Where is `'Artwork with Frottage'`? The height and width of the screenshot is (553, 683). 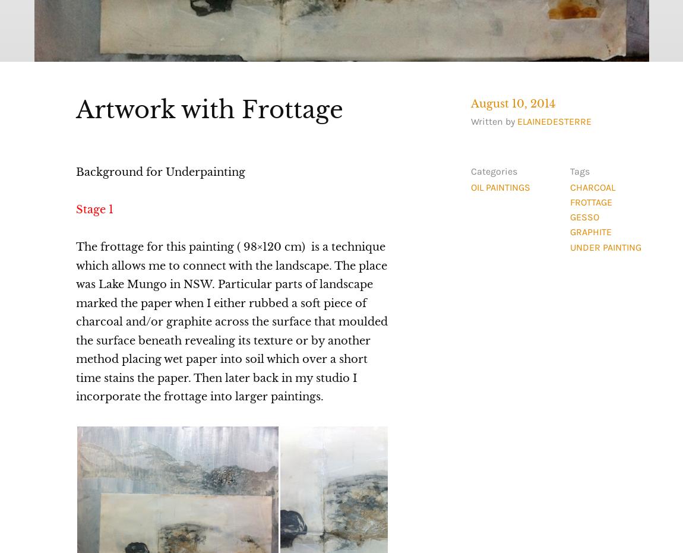
'Artwork with Frottage' is located at coordinates (209, 108).